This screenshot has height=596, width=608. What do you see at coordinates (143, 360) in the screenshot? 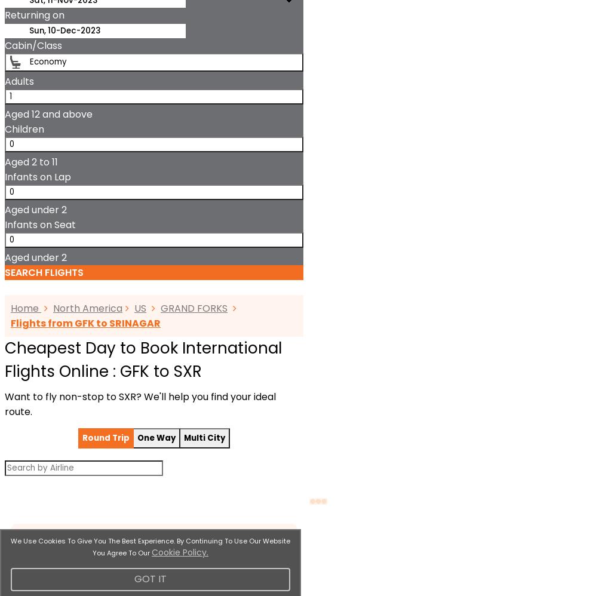
I see `'Cheapest Day to Book International Flights Online :'` at bounding box center [143, 360].